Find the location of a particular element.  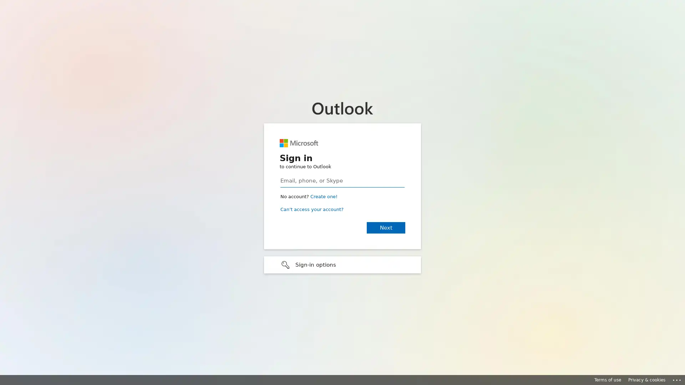

Sign-in options is located at coordinates (342, 264).